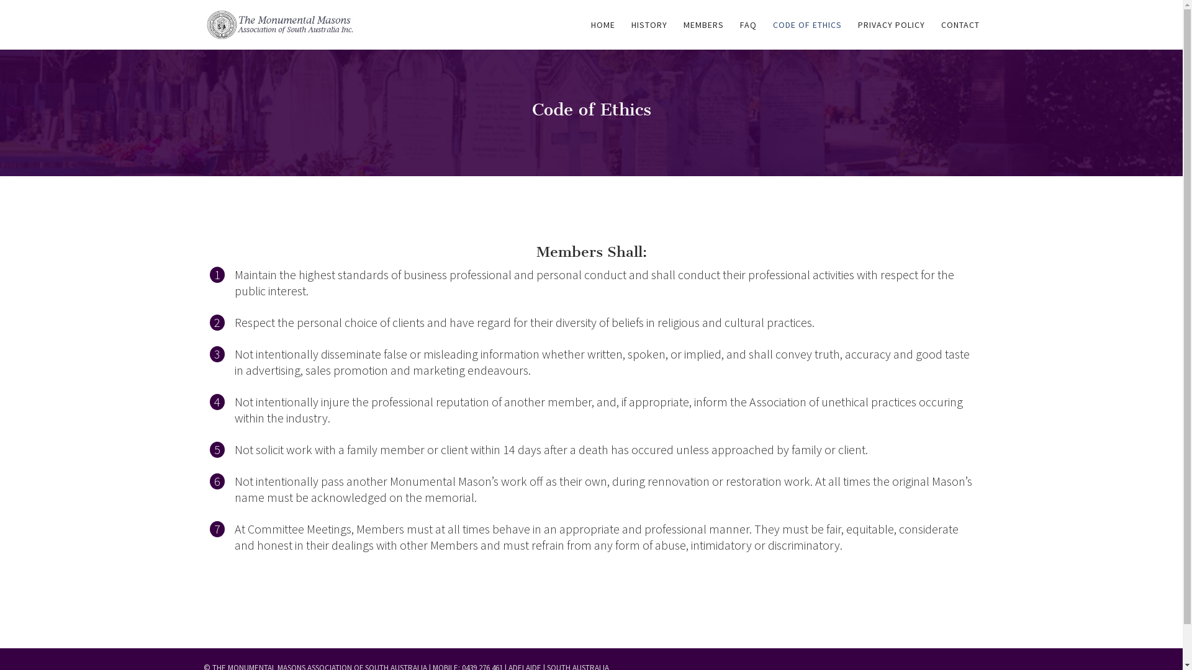 Image resolution: width=1192 pixels, height=670 pixels. What do you see at coordinates (747, 34) in the screenshot?
I see `'FAQ'` at bounding box center [747, 34].